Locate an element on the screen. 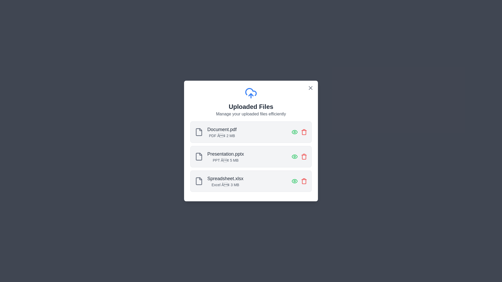 This screenshot has width=502, height=282. the File summary display element showing 'Document.pdf' in bold text, which is the first item in the list of uploaded files is located at coordinates (216, 132).